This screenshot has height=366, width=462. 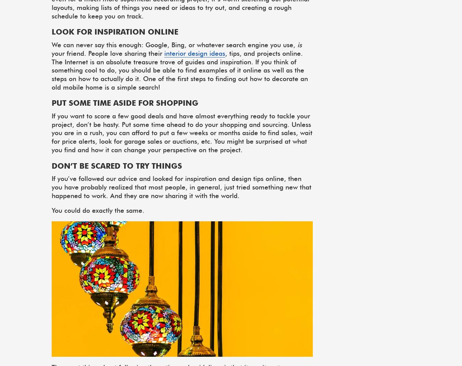 What do you see at coordinates (117, 165) in the screenshot?
I see `'Don’t be scared to try things'` at bounding box center [117, 165].